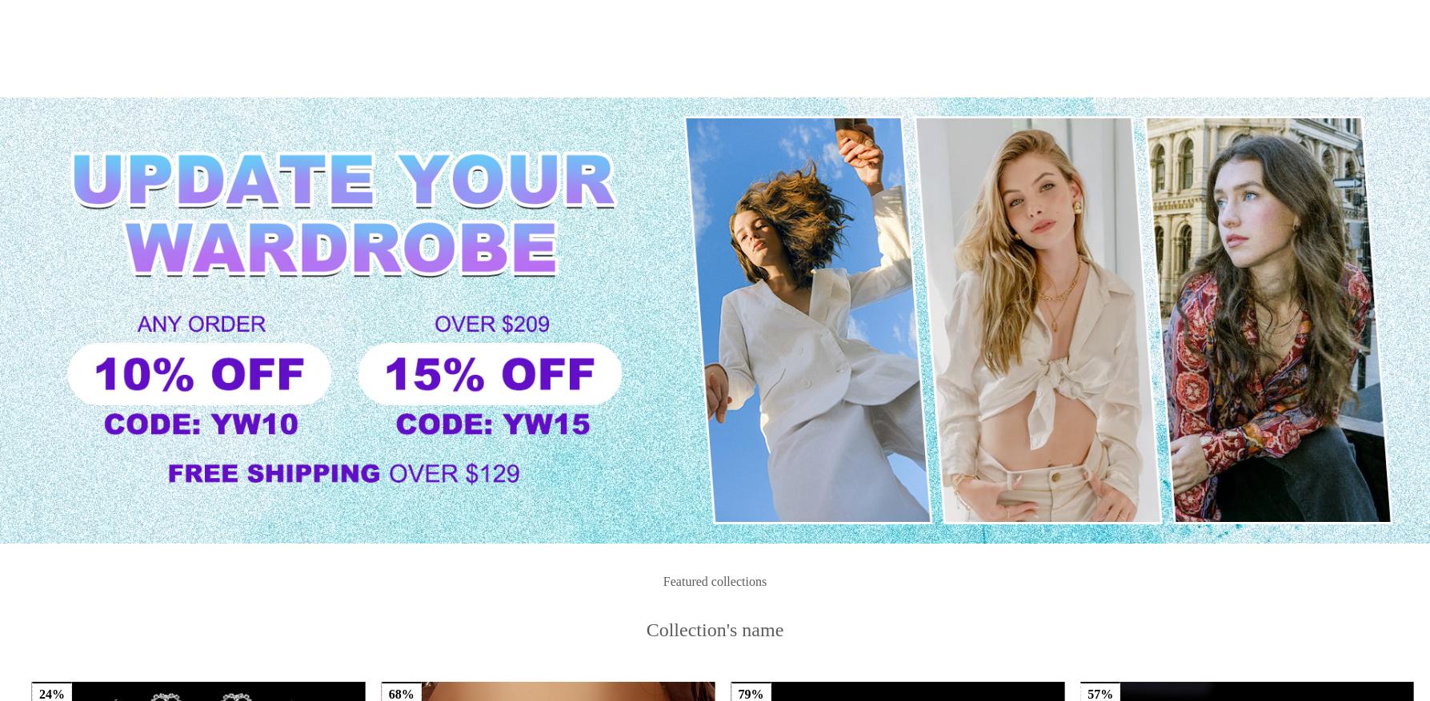 The height and width of the screenshot is (701, 1430). Describe the element at coordinates (52, 359) in the screenshot. I see `'49%'` at that location.